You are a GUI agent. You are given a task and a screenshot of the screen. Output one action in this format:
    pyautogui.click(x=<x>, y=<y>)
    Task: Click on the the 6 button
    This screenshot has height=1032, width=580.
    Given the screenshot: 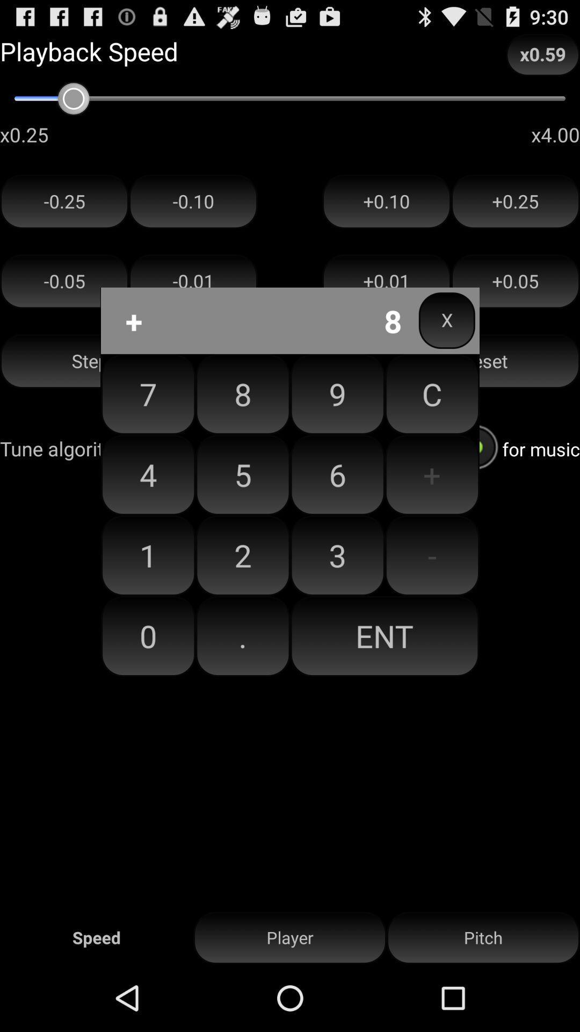 What is the action you would take?
    pyautogui.click(x=337, y=474)
    